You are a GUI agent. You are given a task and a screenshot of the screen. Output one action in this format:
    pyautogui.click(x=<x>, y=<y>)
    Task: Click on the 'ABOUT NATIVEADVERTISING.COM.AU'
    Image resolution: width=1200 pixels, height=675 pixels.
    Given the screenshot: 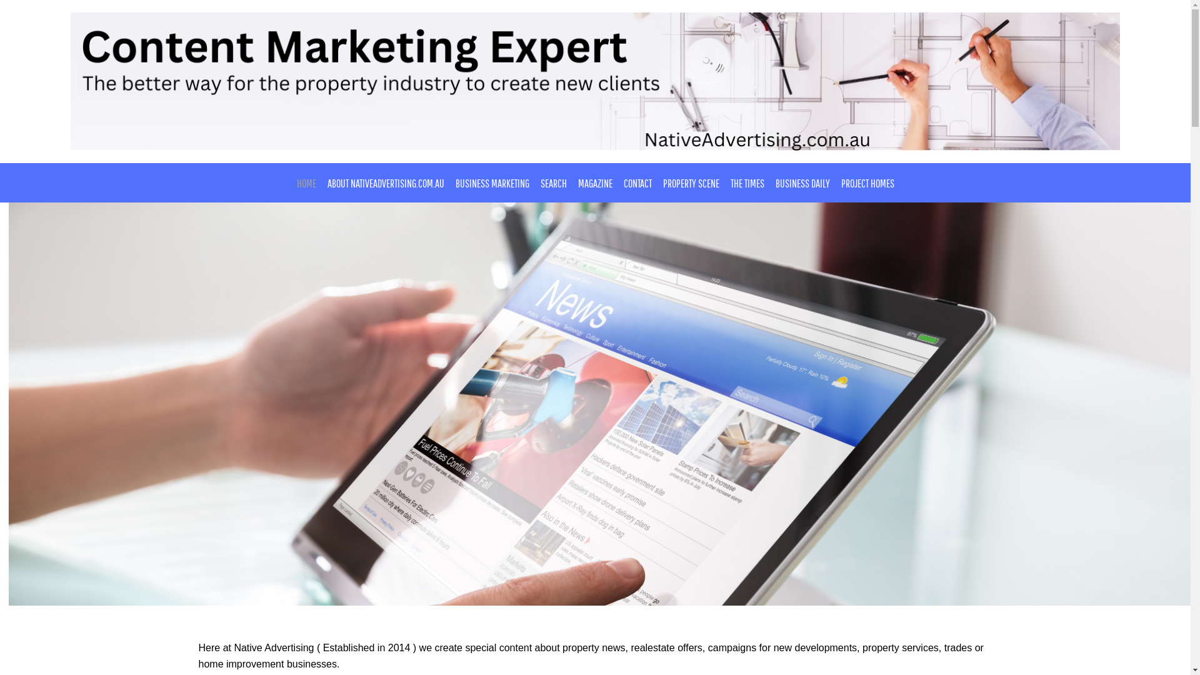 What is the action you would take?
    pyautogui.click(x=384, y=183)
    